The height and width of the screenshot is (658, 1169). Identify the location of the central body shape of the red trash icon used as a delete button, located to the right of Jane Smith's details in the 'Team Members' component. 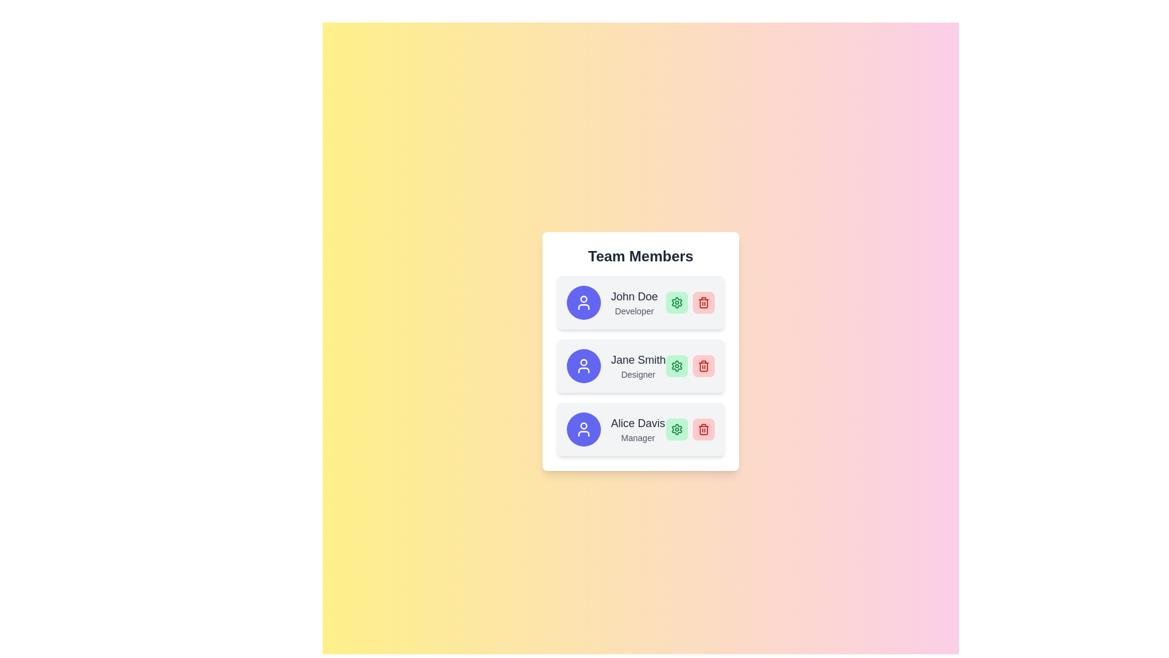
(703, 366).